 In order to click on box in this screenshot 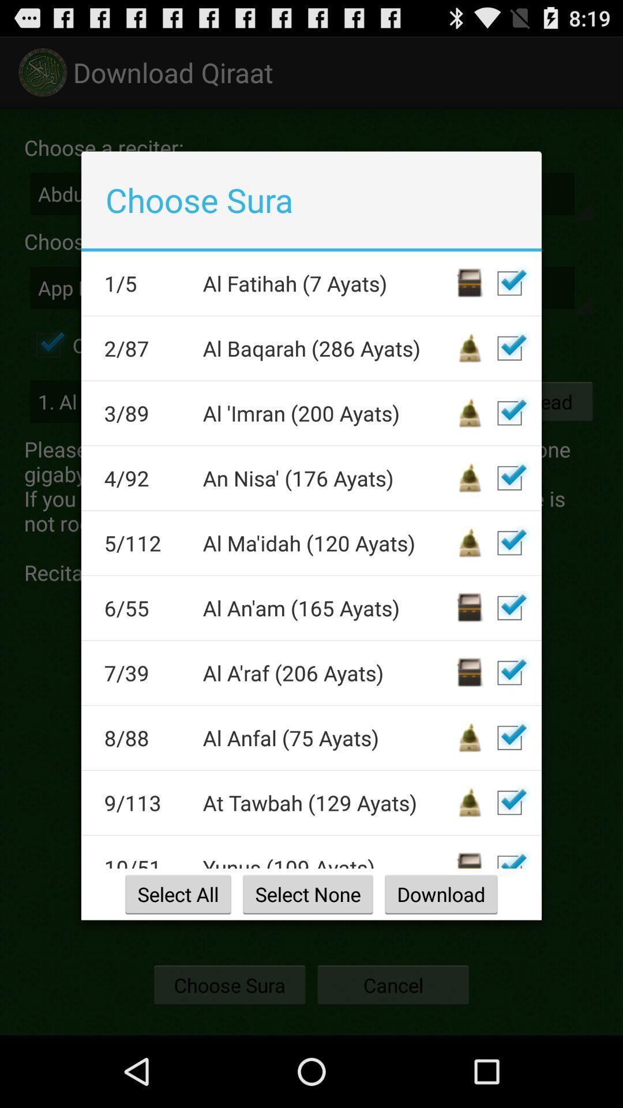, I will do `click(509, 413)`.